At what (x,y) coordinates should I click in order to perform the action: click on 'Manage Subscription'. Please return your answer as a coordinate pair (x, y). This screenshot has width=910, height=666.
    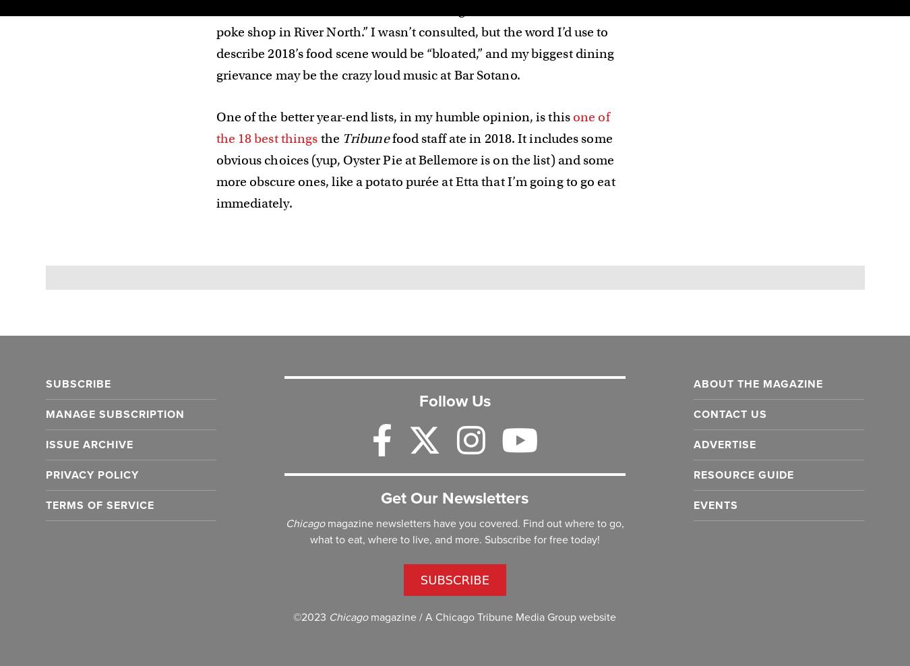
    Looking at the image, I should click on (114, 414).